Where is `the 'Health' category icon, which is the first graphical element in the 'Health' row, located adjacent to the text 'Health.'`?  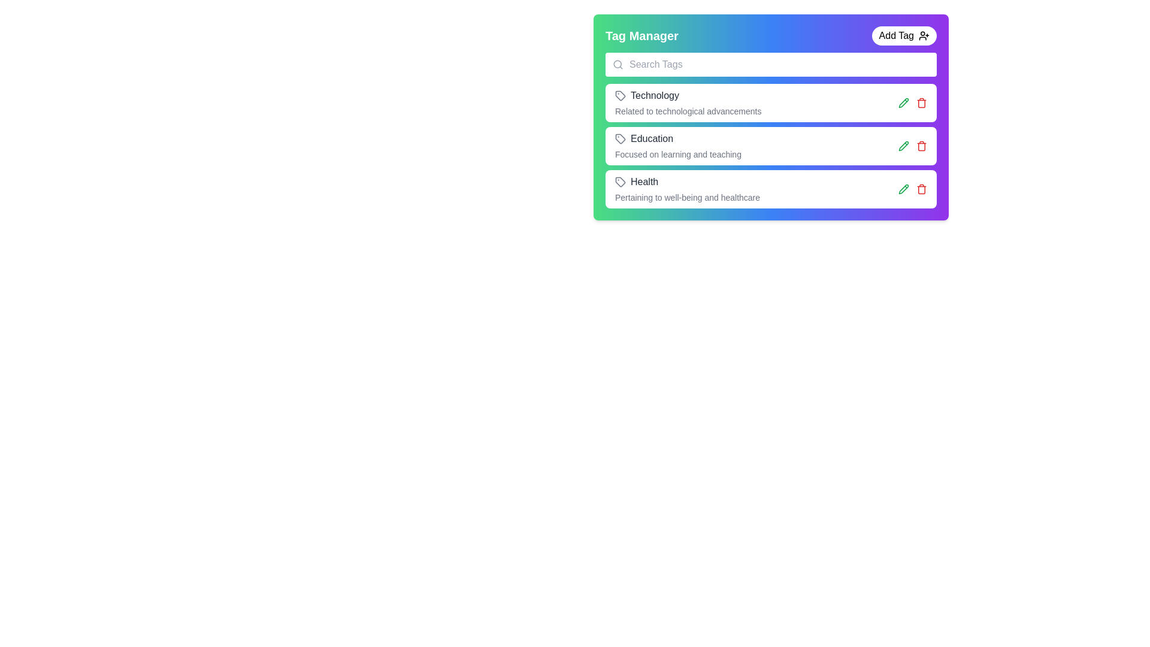 the 'Health' category icon, which is the first graphical element in the 'Health' row, located adjacent to the text 'Health.' is located at coordinates (621, 182).